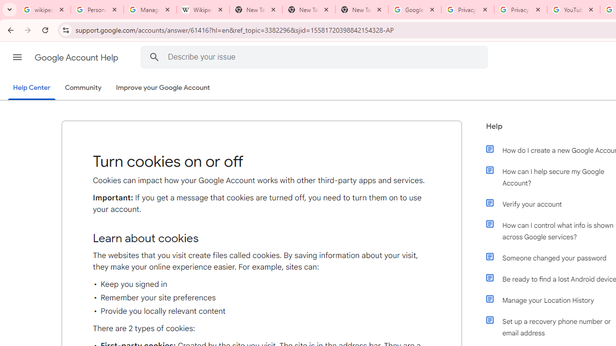 The width and height of the screenshot is (616, 346). Describe the element at coordinates (17, 57) in the screenshot. I see `'Main menu'` at that location.